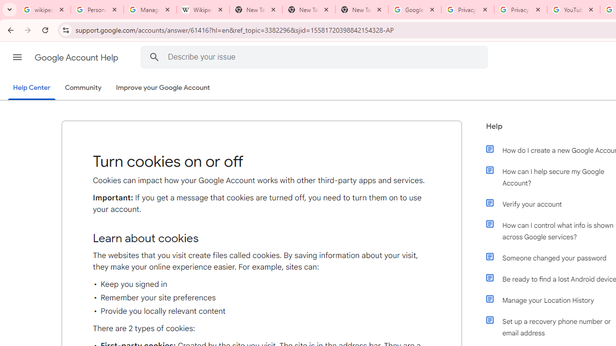 The width and height of the screenshot is (616, 346). Describe the element at coordinates (17, 57) in the screenshot. I see `'Main menu'` at that location.